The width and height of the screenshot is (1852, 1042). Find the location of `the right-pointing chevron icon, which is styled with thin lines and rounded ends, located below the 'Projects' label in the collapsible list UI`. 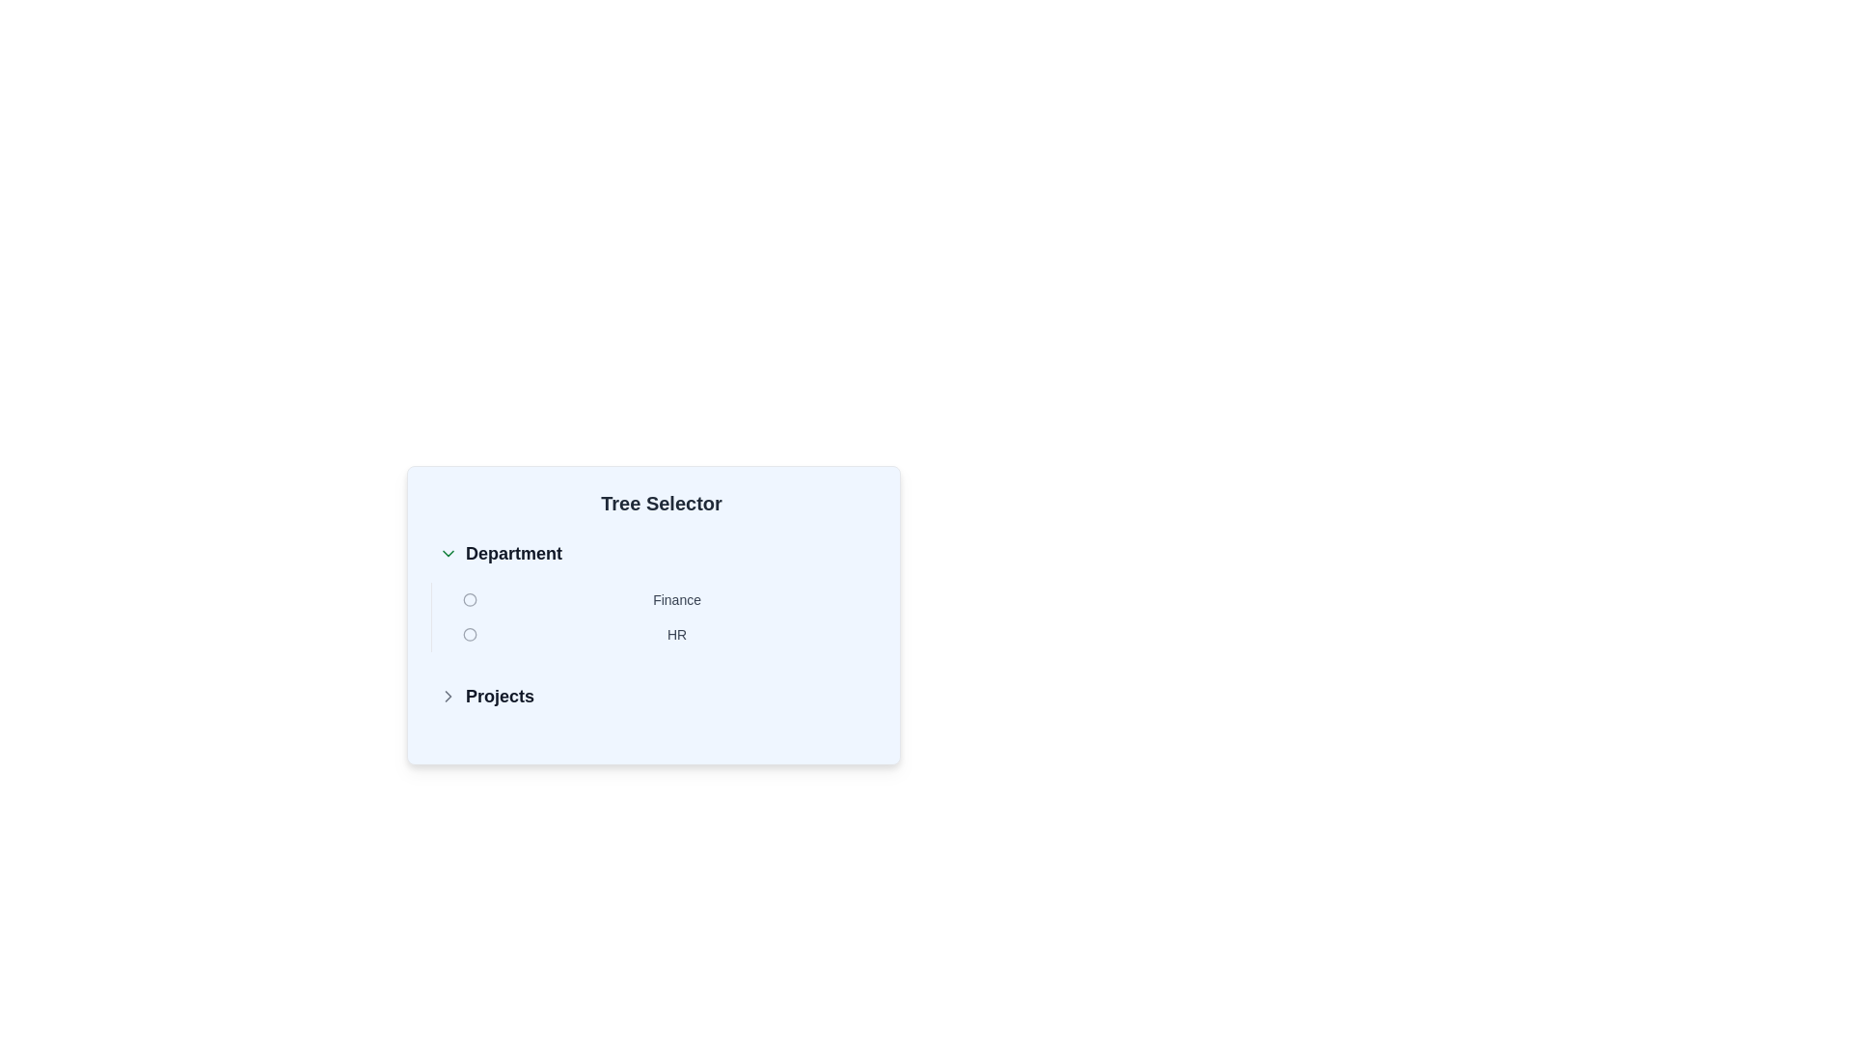

the right-pointing chevron icon, which is styled with thin lines and rounded ends, located below the 'Projects' label in the collapsible list UI is located at coordinates (448, 696).